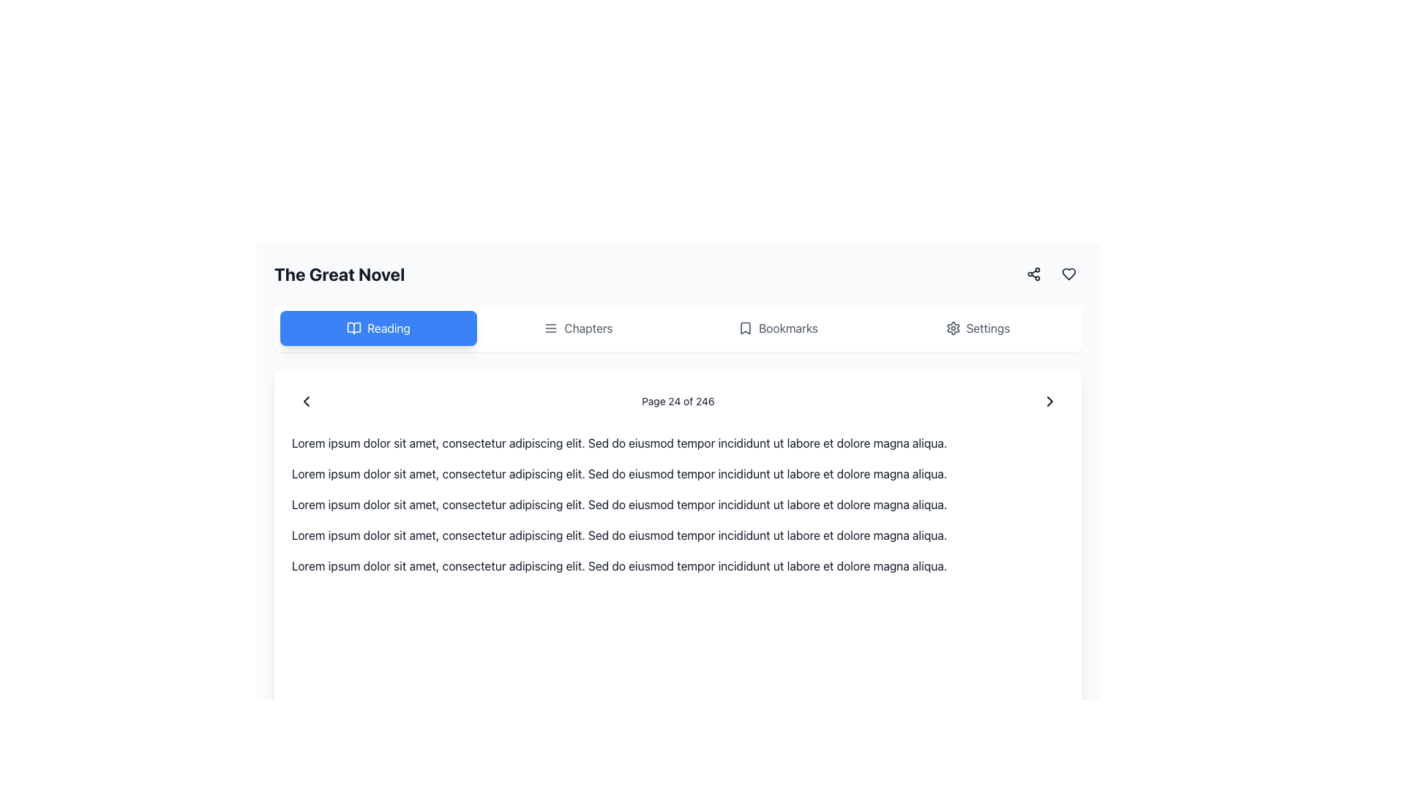  I want to click on the 'Settings' button located in the menu bar at the top right, featuring a gear icon and rounded corners, so click(978, 327).